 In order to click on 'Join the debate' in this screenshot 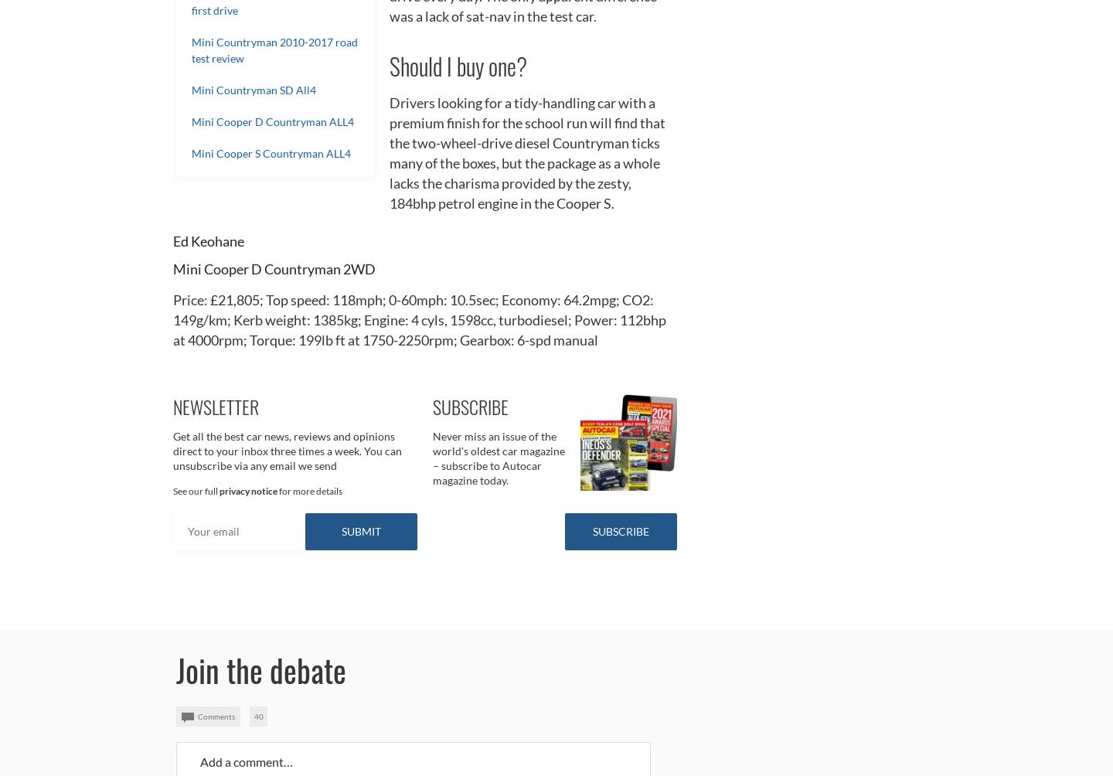, I will do `click(260, 671)`.